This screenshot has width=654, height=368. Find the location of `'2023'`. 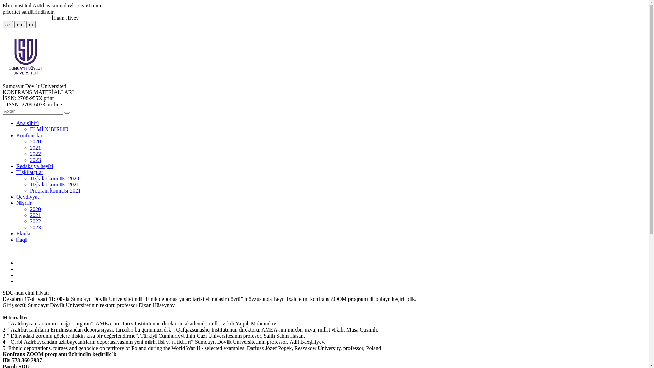

'2023' is located at coordinates (35, 227).